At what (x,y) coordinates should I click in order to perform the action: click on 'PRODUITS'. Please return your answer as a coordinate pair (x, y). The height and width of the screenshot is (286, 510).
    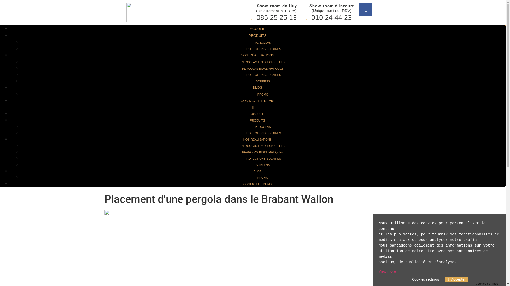
    Looking at the image, I should click on (257, 35).